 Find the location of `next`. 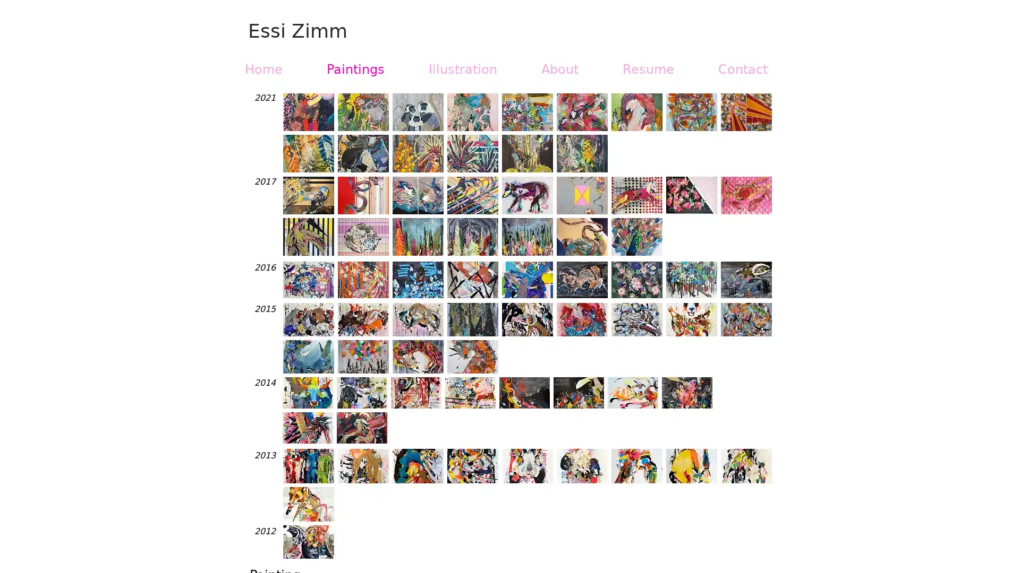

next is located at coordinates (749, 550).